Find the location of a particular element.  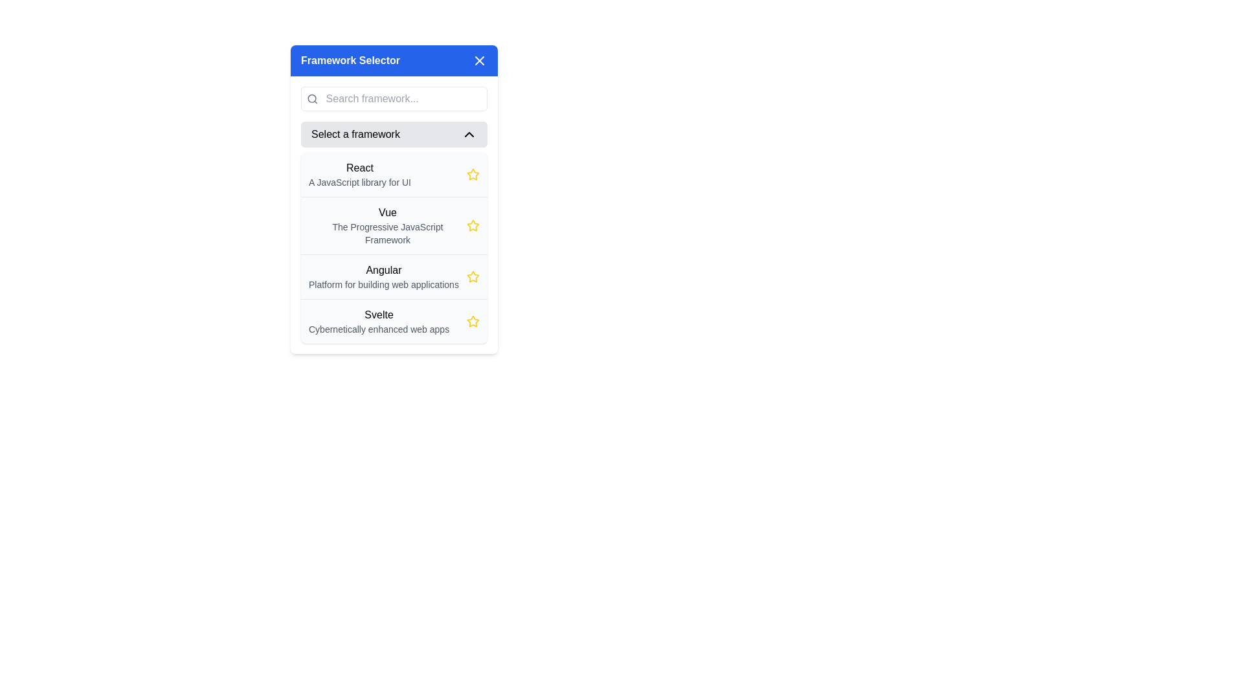

the second list item labeled 'Vue' is located at coordinates (394, 224).